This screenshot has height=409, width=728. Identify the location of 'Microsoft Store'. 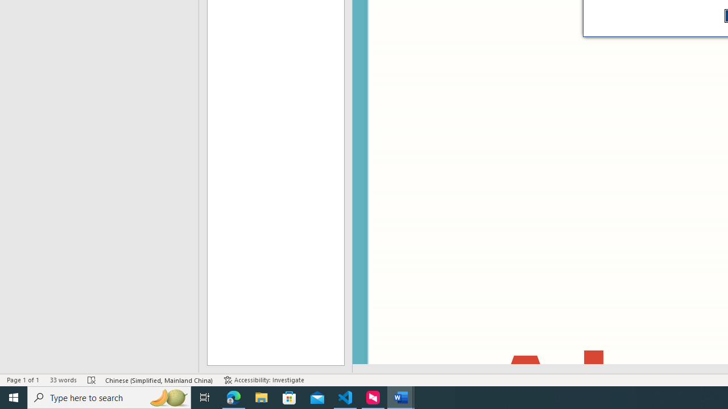
(289, 397).